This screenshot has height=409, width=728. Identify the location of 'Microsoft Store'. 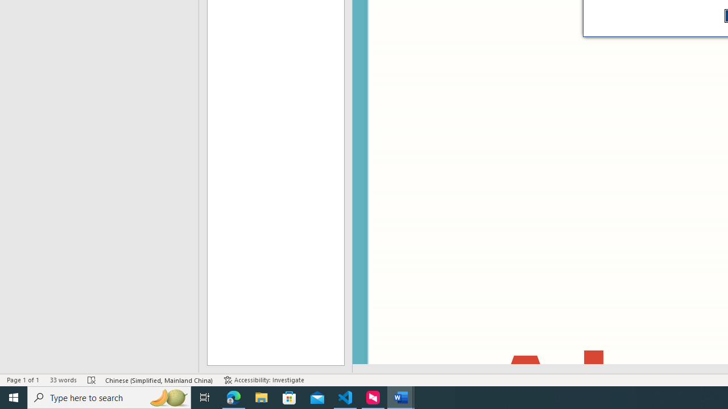
(289, 397).